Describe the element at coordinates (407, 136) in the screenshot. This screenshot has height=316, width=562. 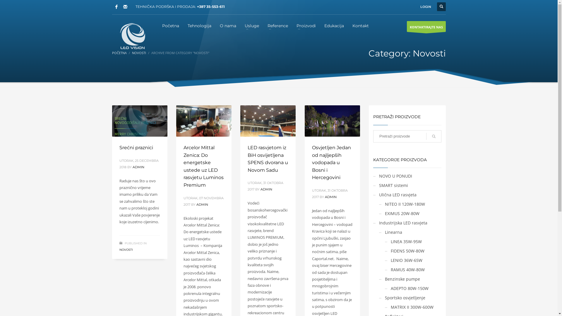
I see `'Search for:'` at that location.